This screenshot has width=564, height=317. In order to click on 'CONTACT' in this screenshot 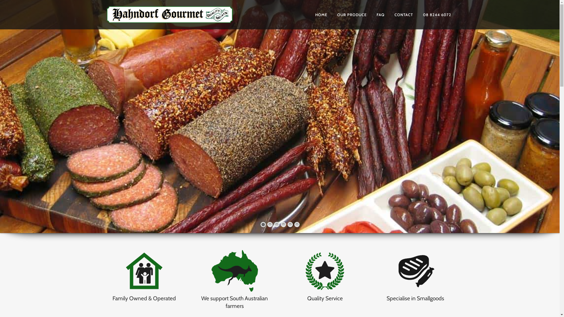, I will do `click(389, 14)`.